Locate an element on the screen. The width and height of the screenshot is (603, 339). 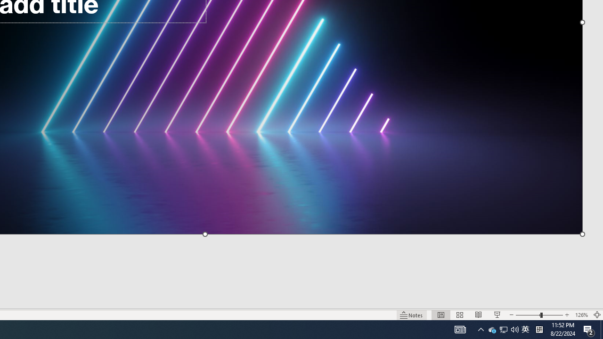
'Zoom 126%' is located at coordinates (581, 315).